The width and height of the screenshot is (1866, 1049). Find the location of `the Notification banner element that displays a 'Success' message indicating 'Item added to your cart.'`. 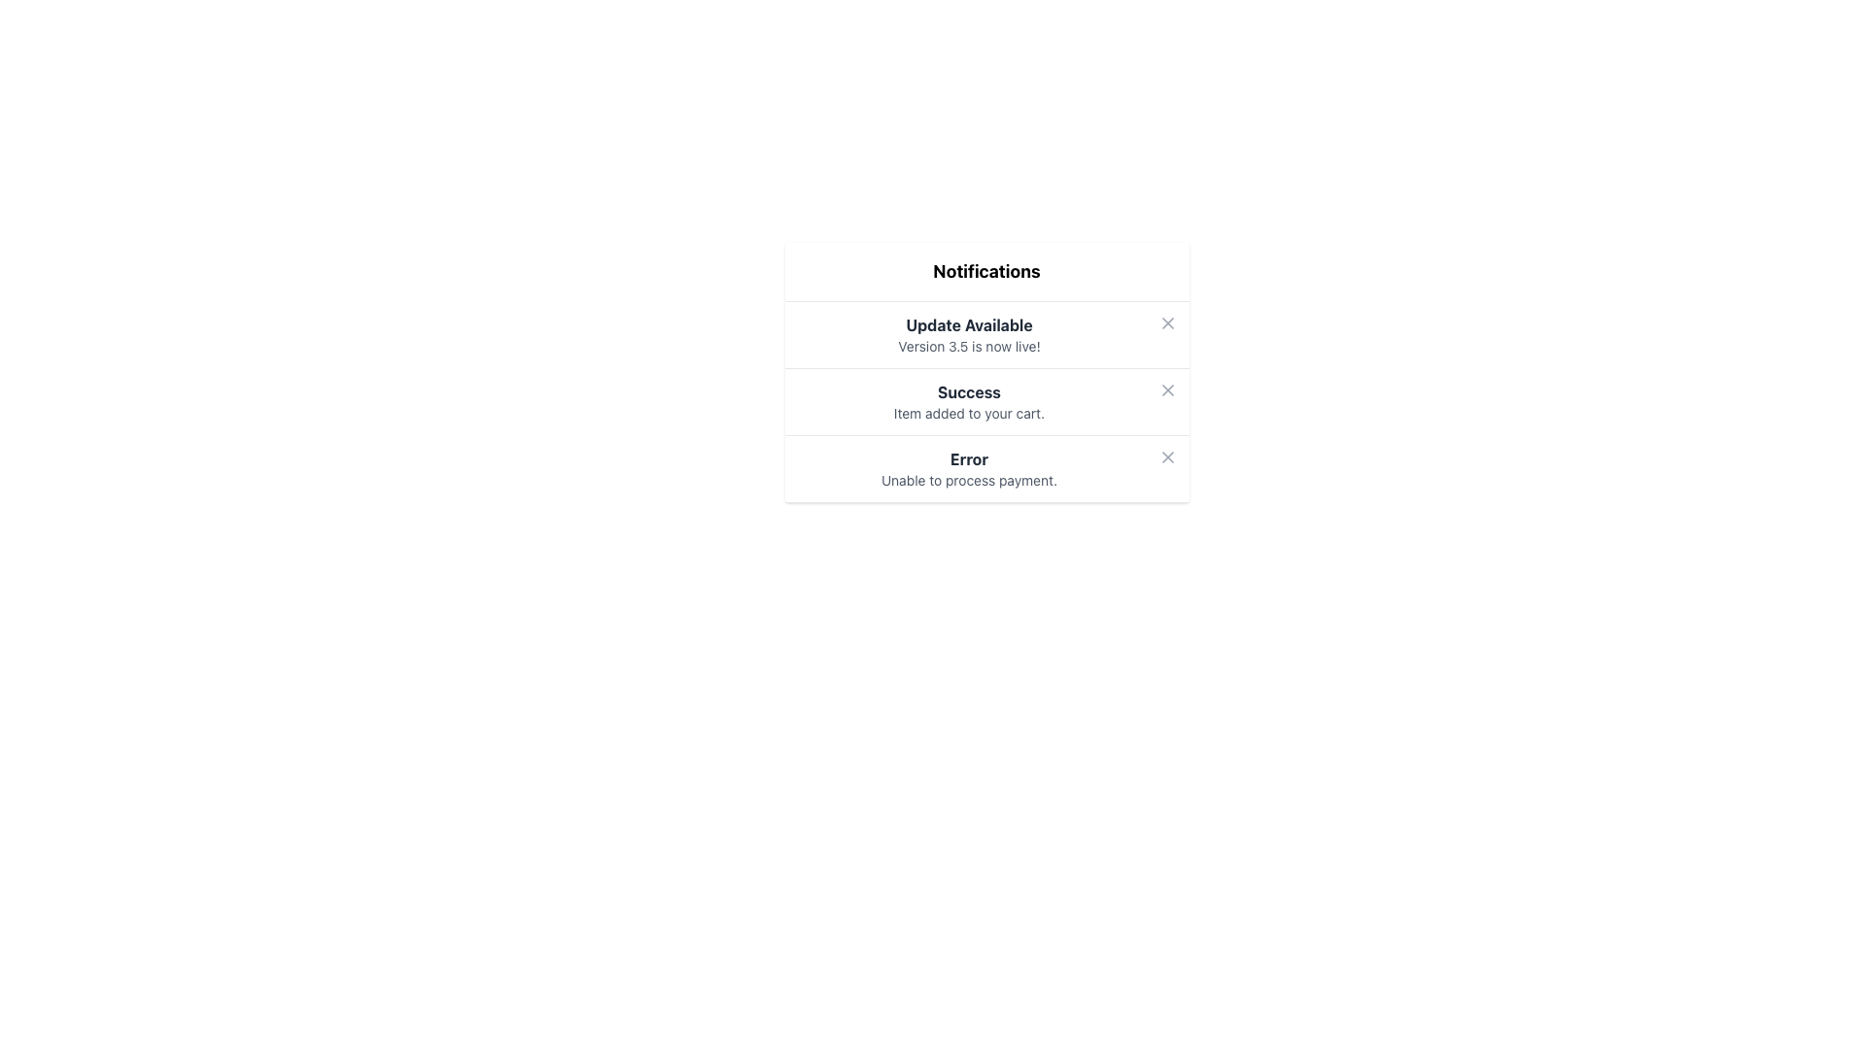

the Notification banner element that displays a 'Success' message indicating 'Item added to your cart.' is located at coordinates (969, 400).